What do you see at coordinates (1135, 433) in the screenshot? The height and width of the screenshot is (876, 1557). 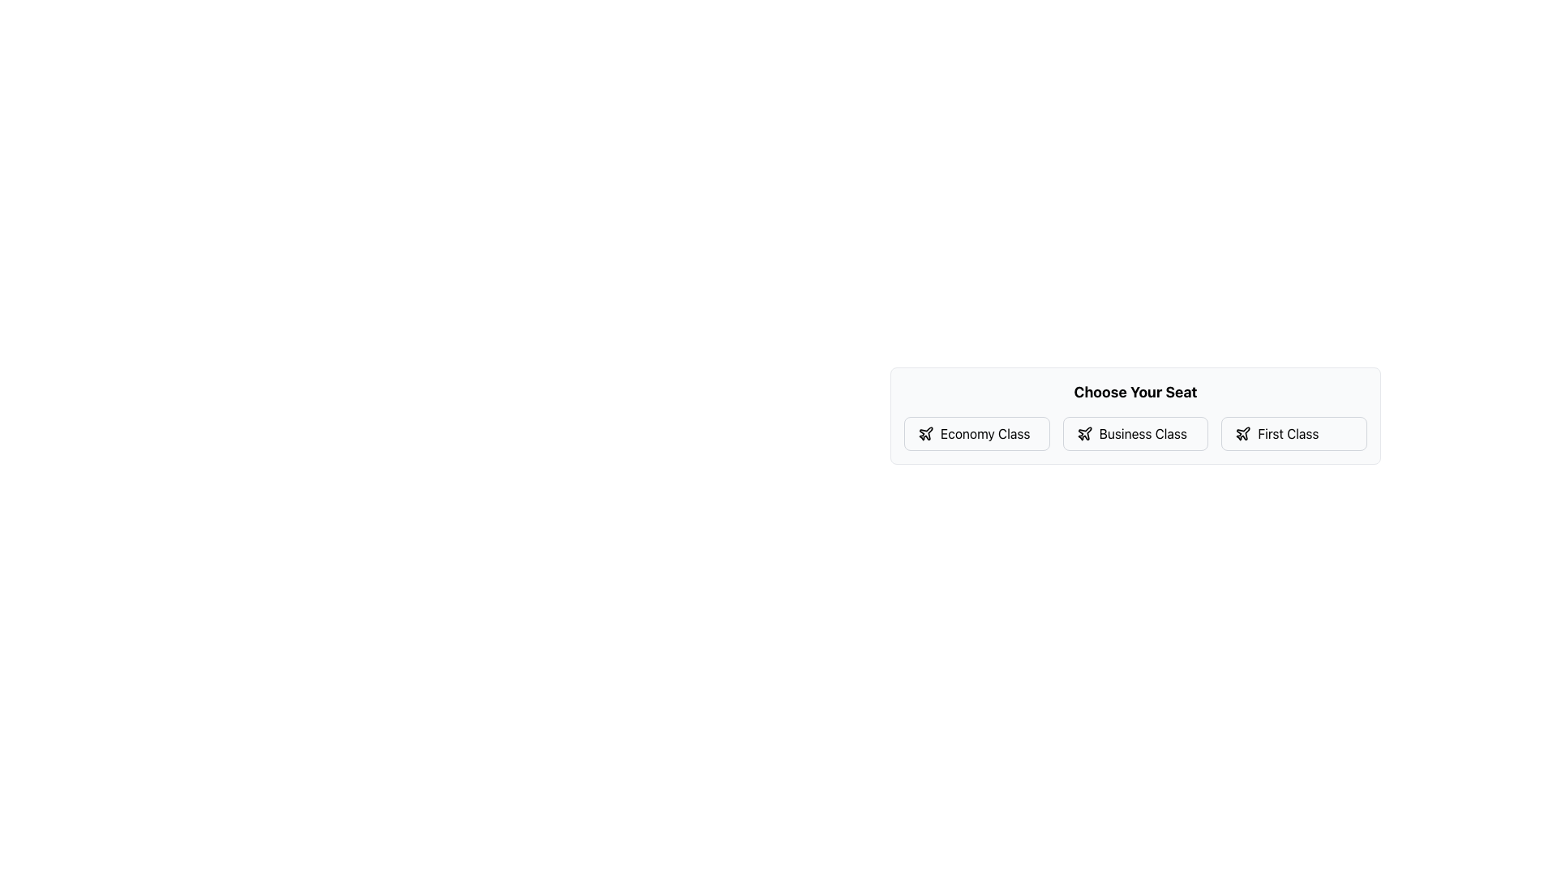 I see `the seating category selection group located in the 'Choose Your Seat' section` at bounding box center [1135, 433].